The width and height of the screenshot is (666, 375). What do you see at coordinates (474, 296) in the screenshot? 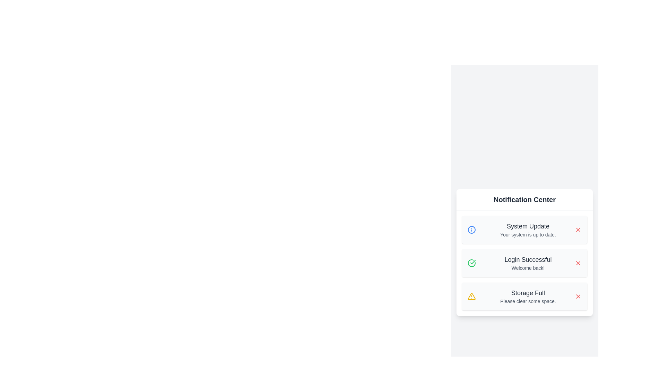
I see `the state represented by the yellow warning triangle icon with an exclamation mark, located in the third notification entry titled 'Storage Full' in the notification center` at bounding box center [474, 296].